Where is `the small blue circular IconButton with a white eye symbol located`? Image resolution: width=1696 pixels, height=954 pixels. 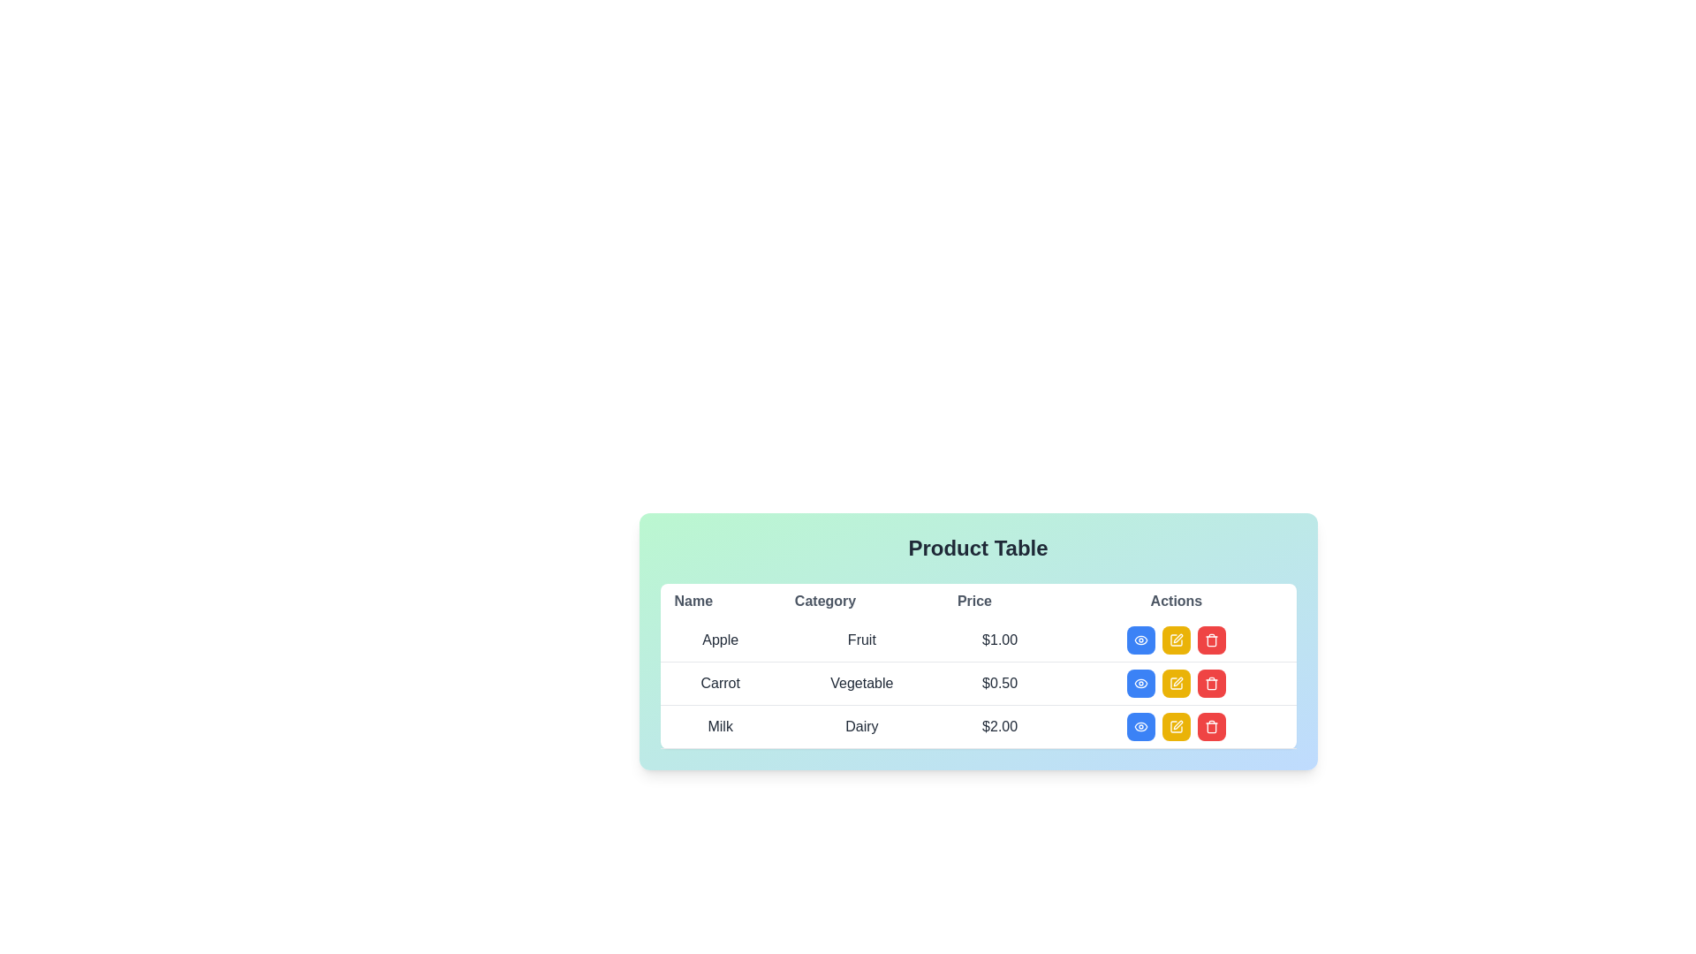 the small blue circular IconButton with a white eye symbol located is located at coordinates (1140, 726).